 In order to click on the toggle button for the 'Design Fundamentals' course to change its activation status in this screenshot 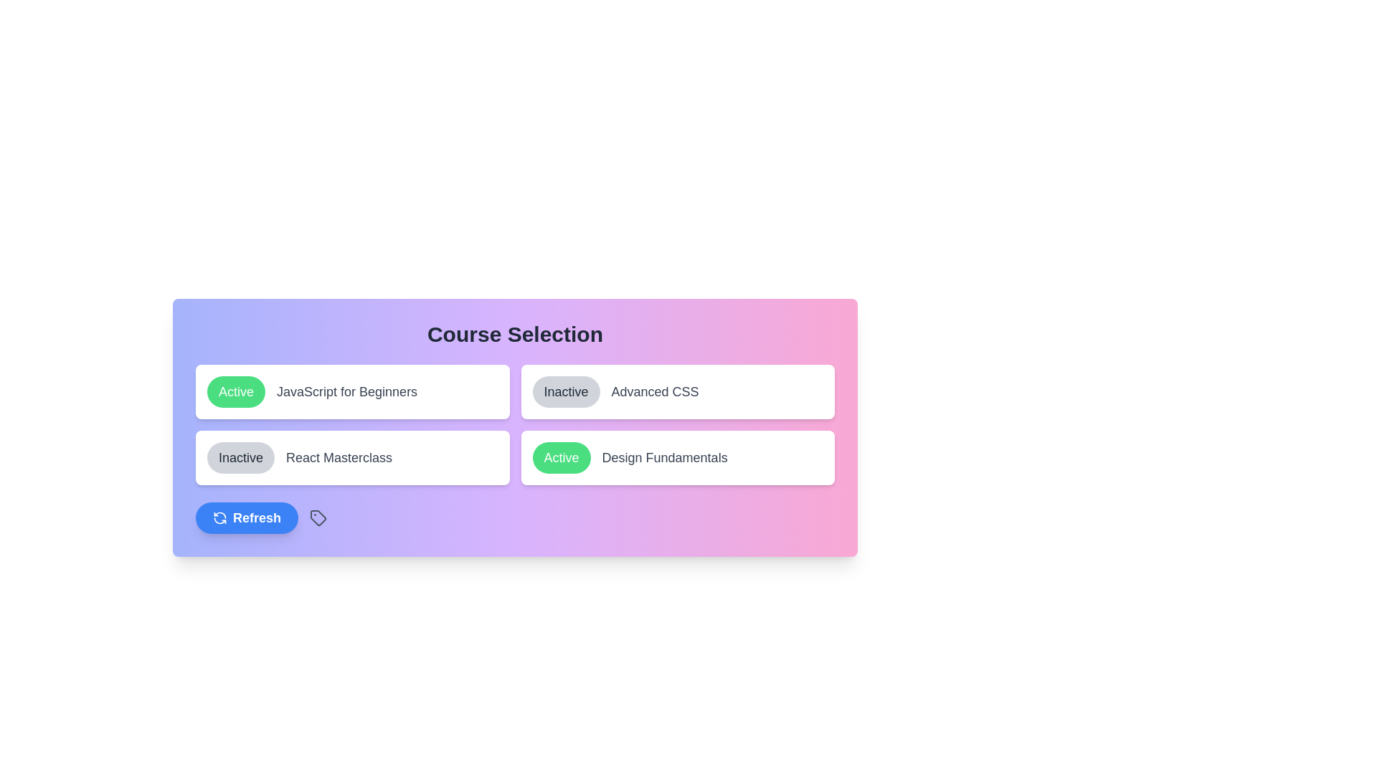, I will do `click(560, 458)`.